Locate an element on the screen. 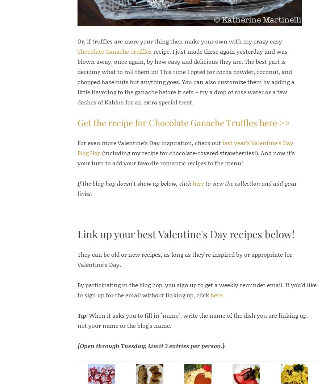 Image resolution: width=326 pixels, height=384 pixels. 'They can be old or new recipes, as long as they're inspired by or appropriate for Valentine's Day.' is located at coordinates (184, 259).